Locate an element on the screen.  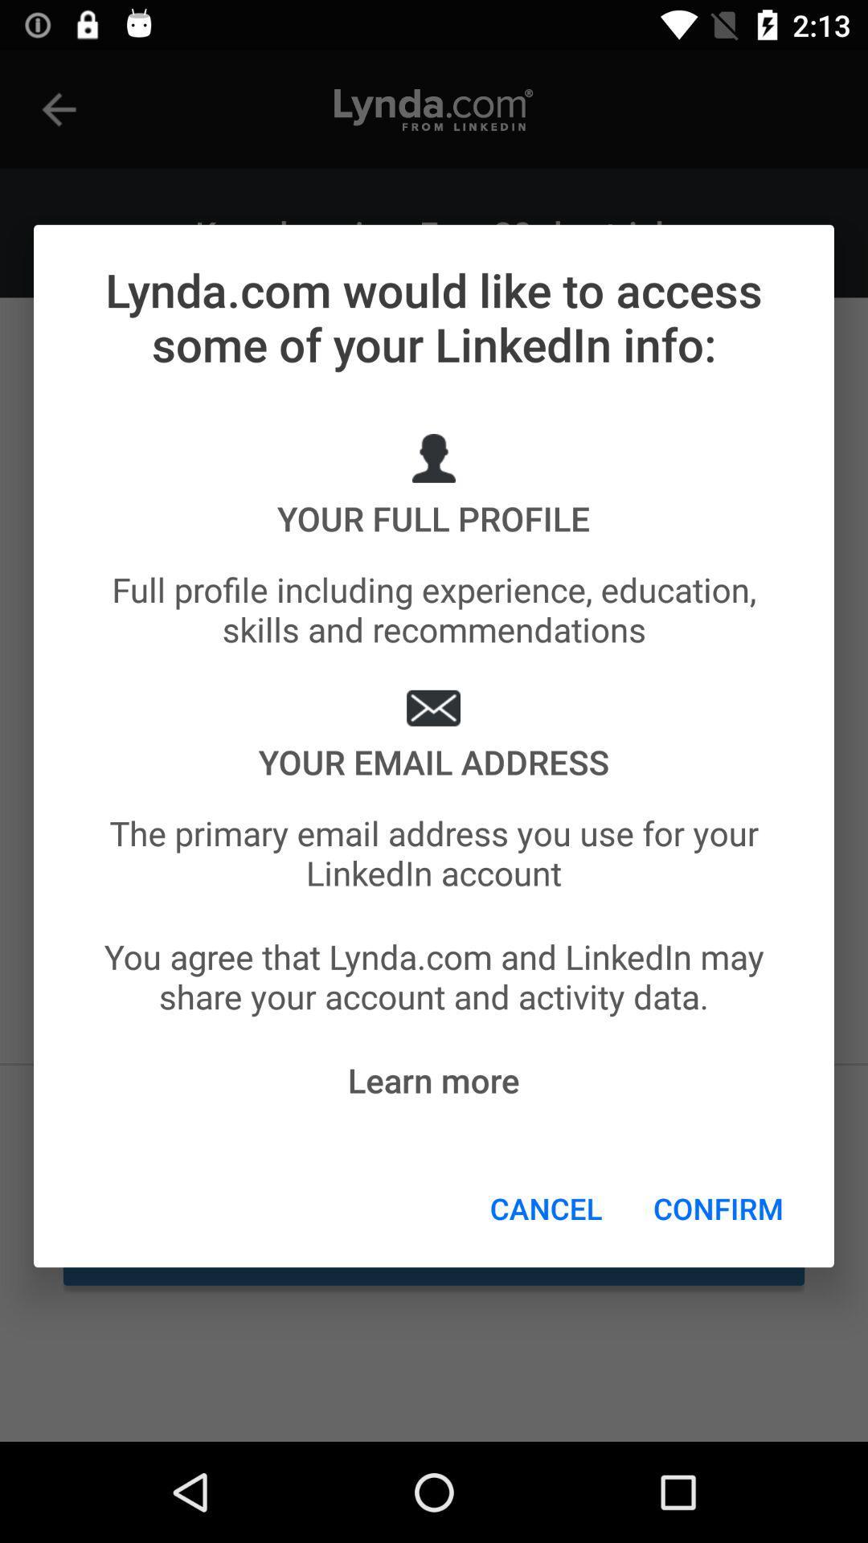
the item next to the cancel item is located at coordinates (718, 1208).